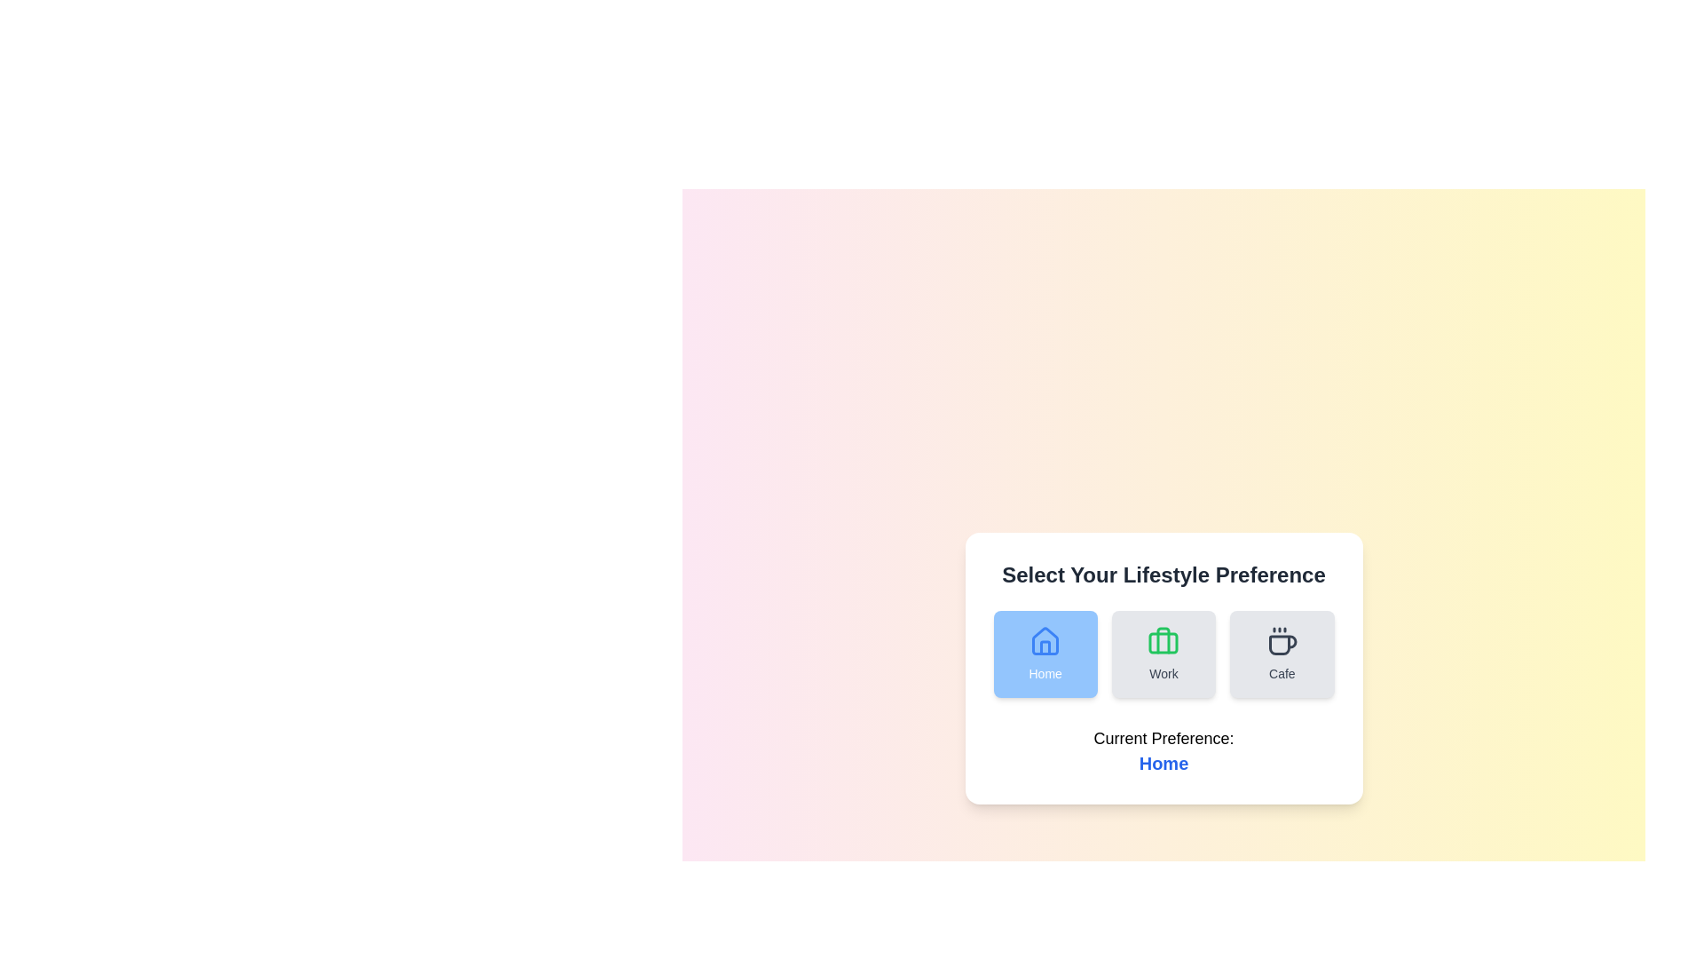 The height and width of the screenshot is (959, 1704). I want to click on the grid layout containing options 'Home', 'Work', and 'Cafe', so click(1164, 654).